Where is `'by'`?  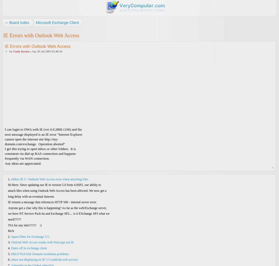
'by' is located at coordinates (10, 51).